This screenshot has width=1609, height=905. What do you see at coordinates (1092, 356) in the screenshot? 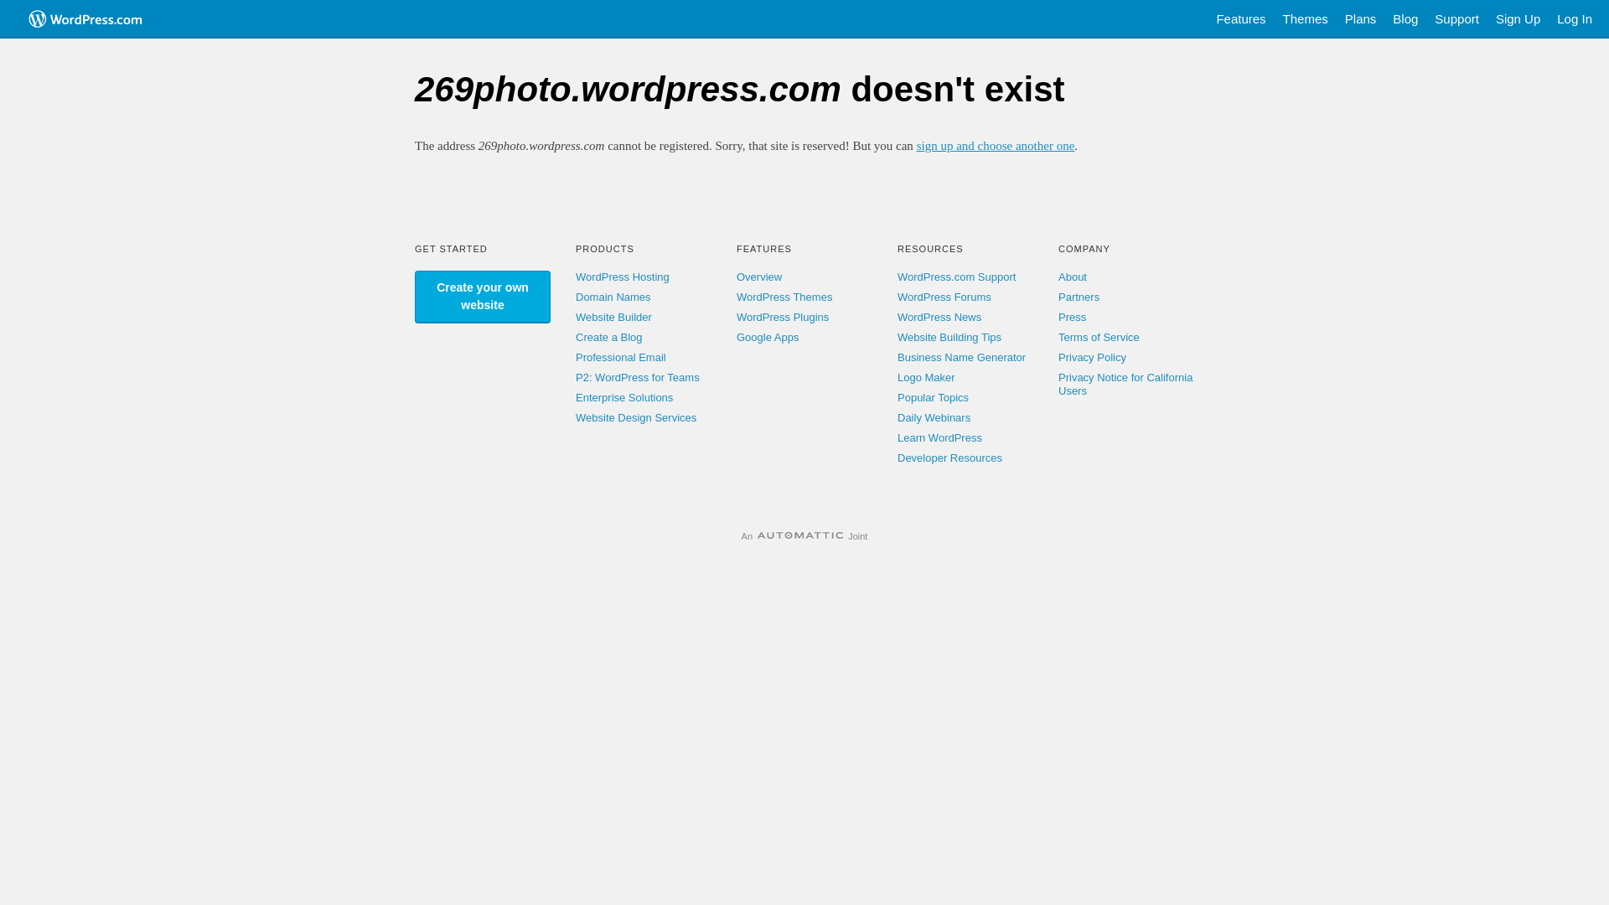
I see `'Privacy Policy'` at bounding box center [1092, 356].